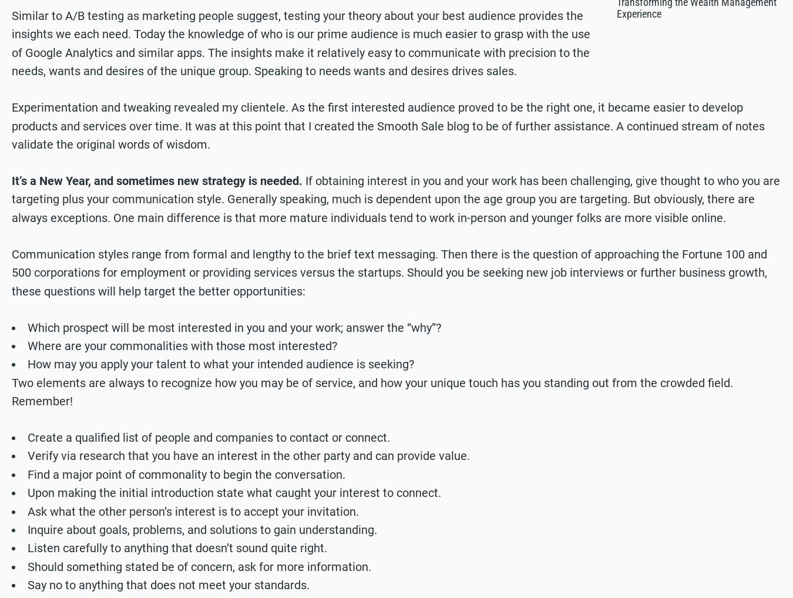  I want to click on 'Create a qualified list of people and companies to contact or connect.', so click(208, 436).